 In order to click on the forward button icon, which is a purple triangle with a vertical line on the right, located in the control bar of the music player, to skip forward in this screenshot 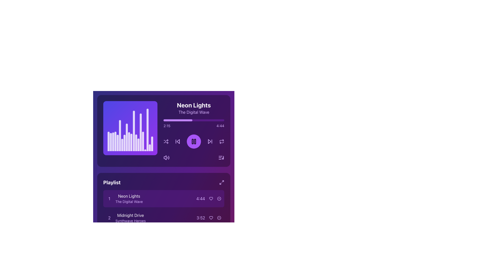, I will do `click(210, 141)`.